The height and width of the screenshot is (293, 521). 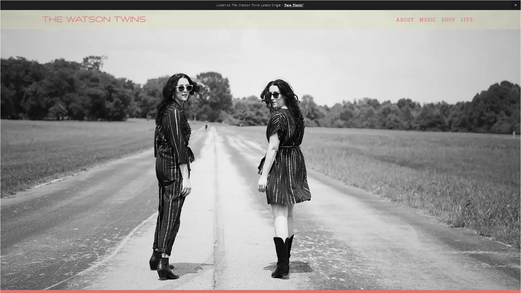 I want to click on Close, so click(x=356, y=77).